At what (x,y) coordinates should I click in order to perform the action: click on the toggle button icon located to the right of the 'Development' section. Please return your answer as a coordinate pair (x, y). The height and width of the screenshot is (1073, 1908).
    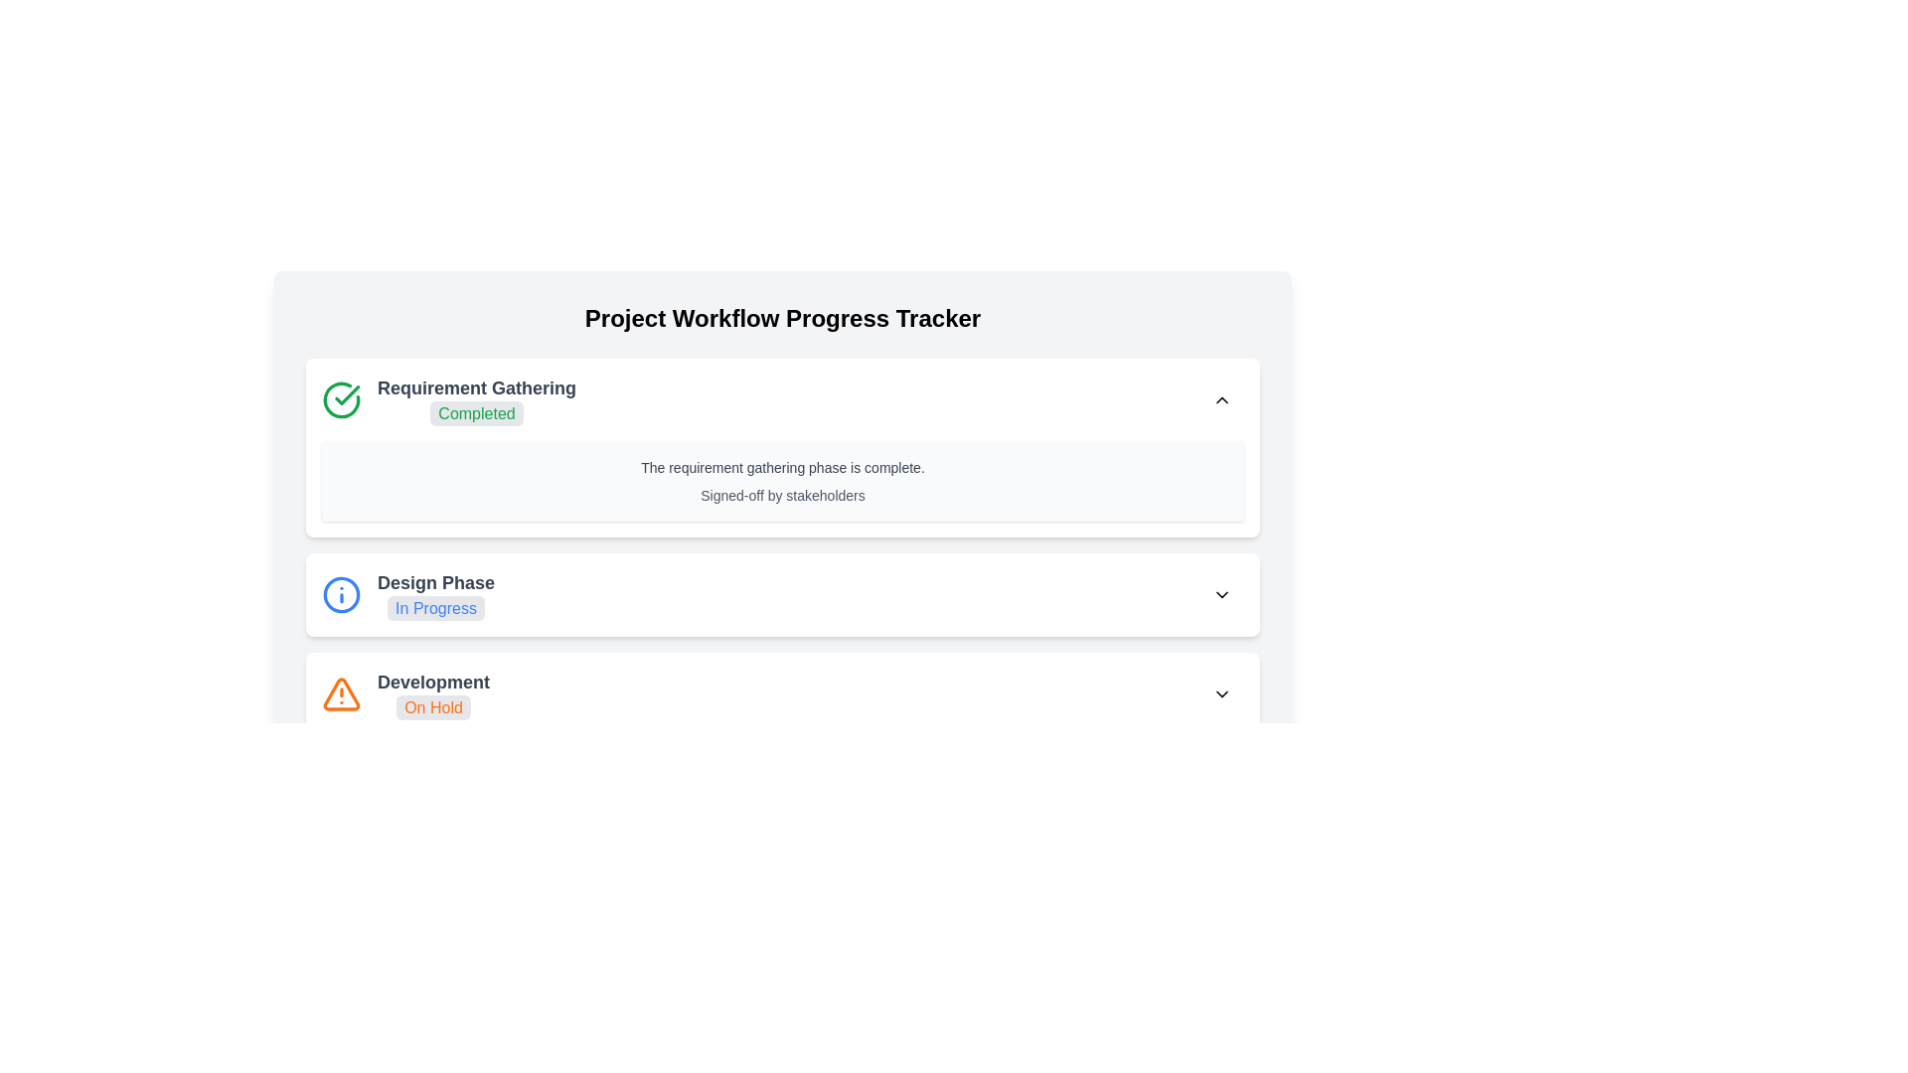
    Looking at the image, I should click on (1220, 692).